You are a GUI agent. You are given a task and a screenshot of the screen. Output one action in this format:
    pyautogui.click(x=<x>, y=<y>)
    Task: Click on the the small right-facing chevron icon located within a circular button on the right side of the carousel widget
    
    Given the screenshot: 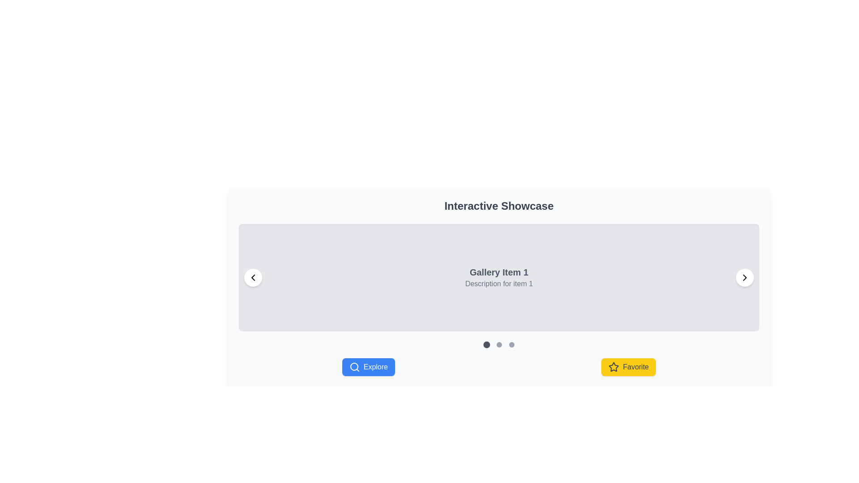 What is the action you would take?
    pyautogui.click(x=745, y=277)
    